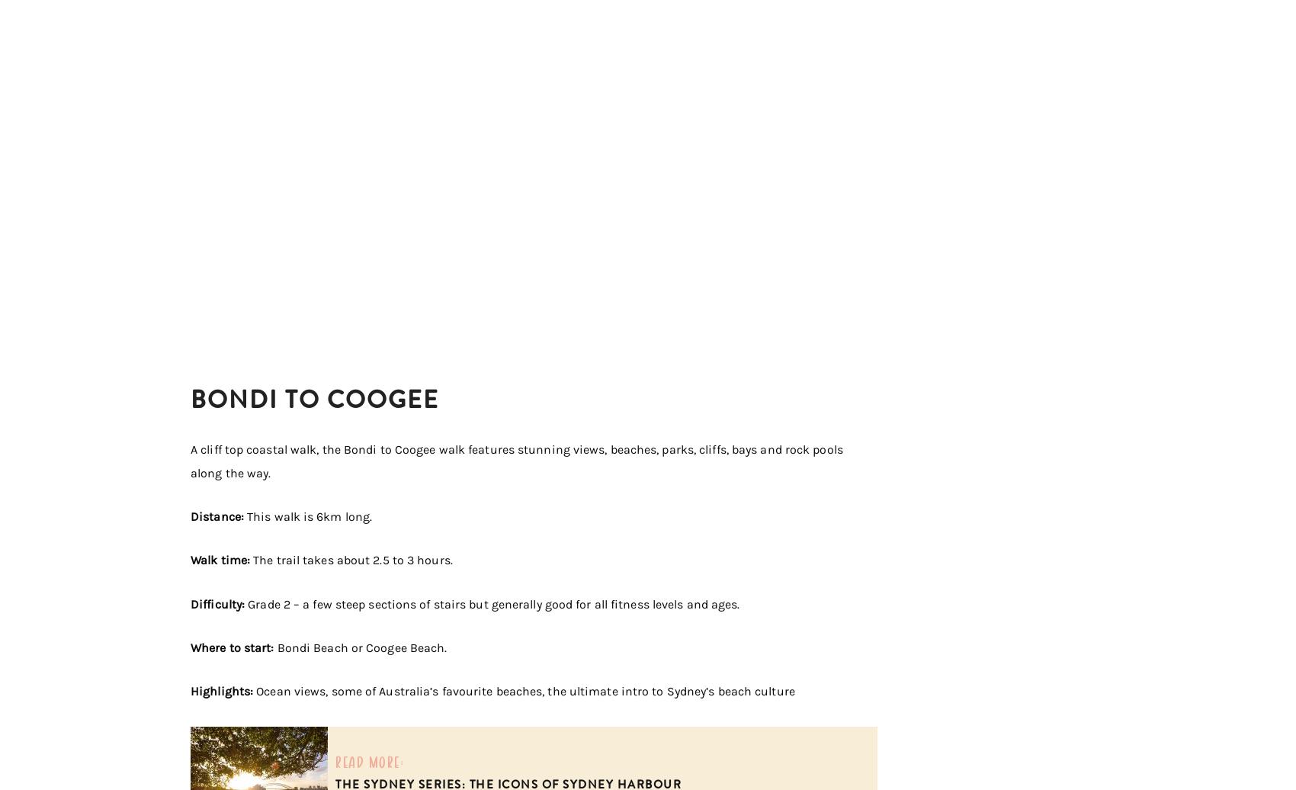 This screenshot has height=790, width=1296. What do you see at coordinates (313, 398) in the screenshot?
I see `'Bondi to Coogee'` at bounding box center [313, 398].